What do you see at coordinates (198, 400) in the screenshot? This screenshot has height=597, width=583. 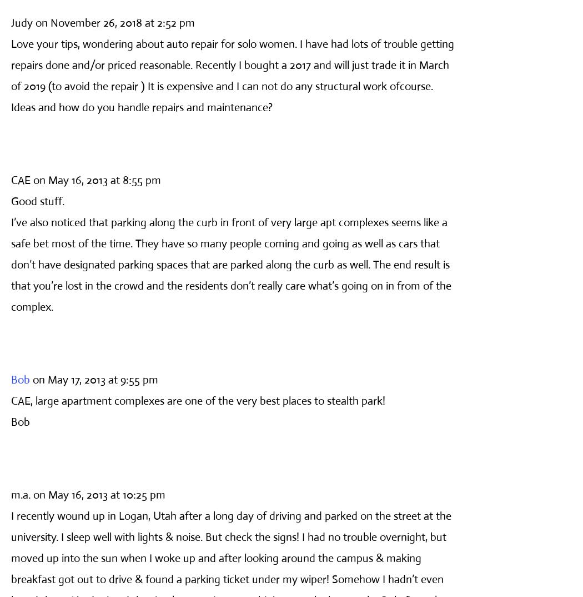 I see `'CAE, large apartment complexes are one of the very best places to stealth park!'` at bounding box center [198, 400].